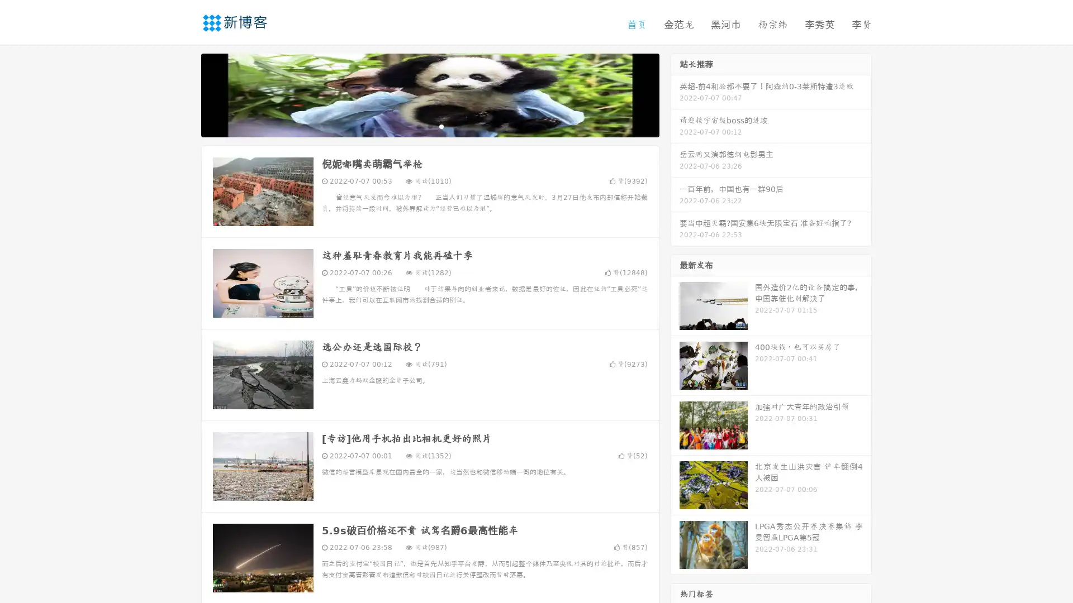  What do you see at coordinates (675, 94) in the screenshot?
I see `Next slide` at bounding box center [675, 94].